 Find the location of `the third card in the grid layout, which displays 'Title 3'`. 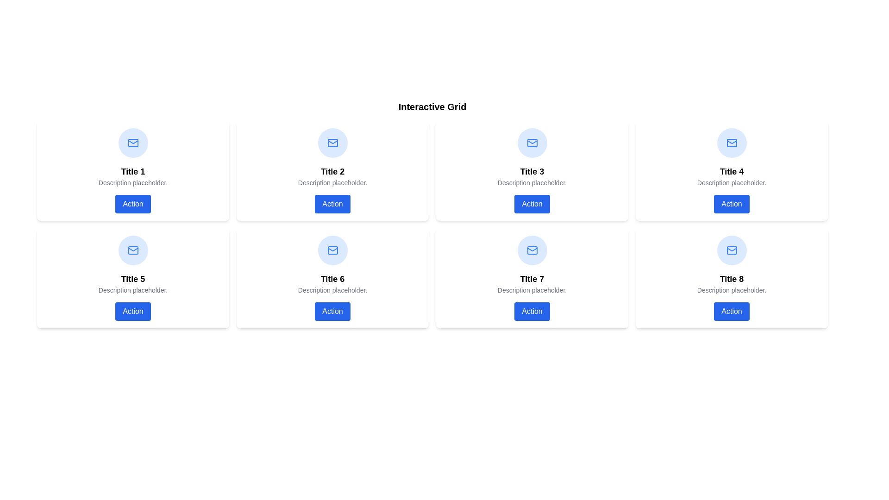

the third card in the grid layout, which displays 'Title 3' is located at coordinates (532, 171).